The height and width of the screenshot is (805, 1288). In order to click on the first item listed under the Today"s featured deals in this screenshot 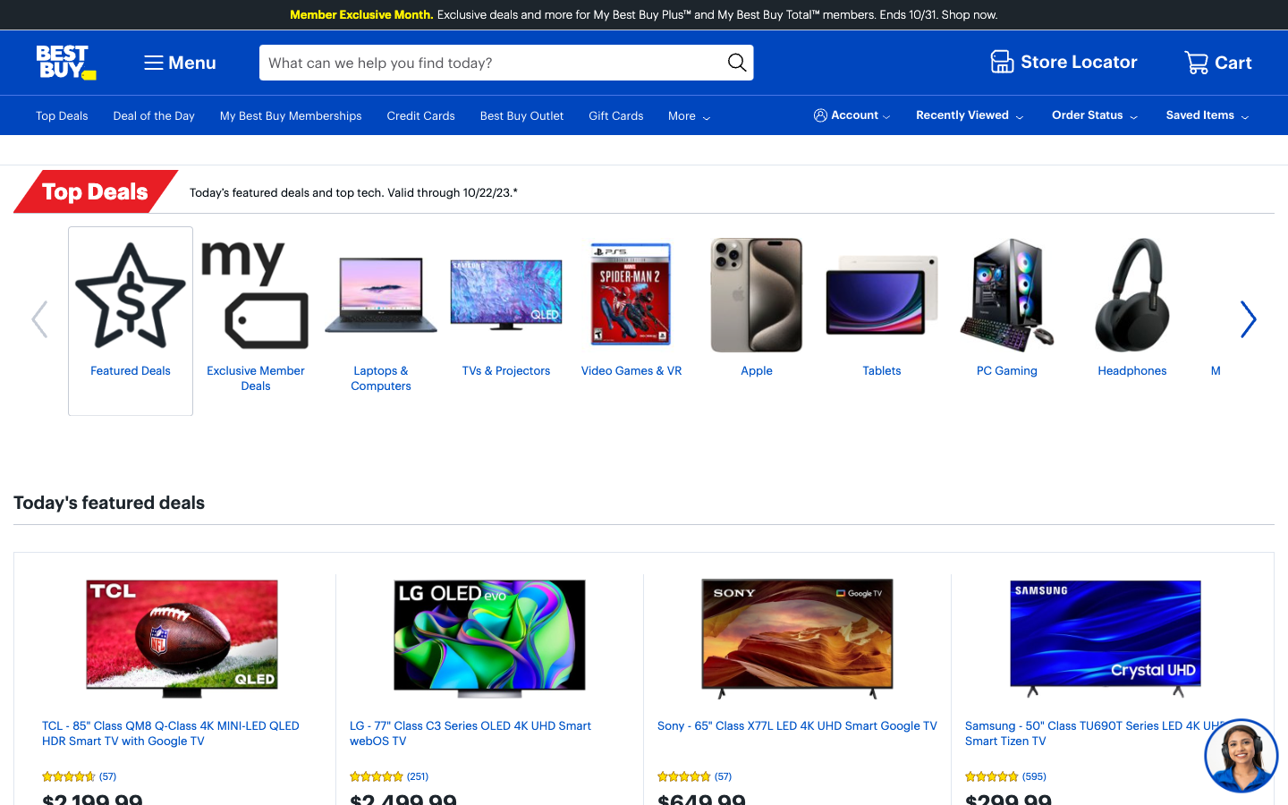, I will do `click(182, 638)`.